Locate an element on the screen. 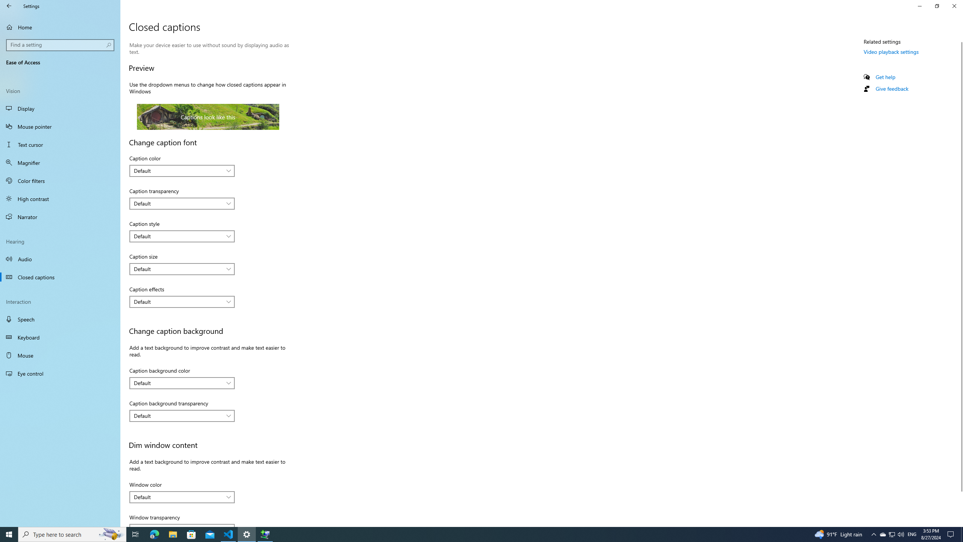 The width and height of the screenshot is (963, 542). 'Extensible Wizards Host Process - 1 running window' is located at coordinates (265, 534).